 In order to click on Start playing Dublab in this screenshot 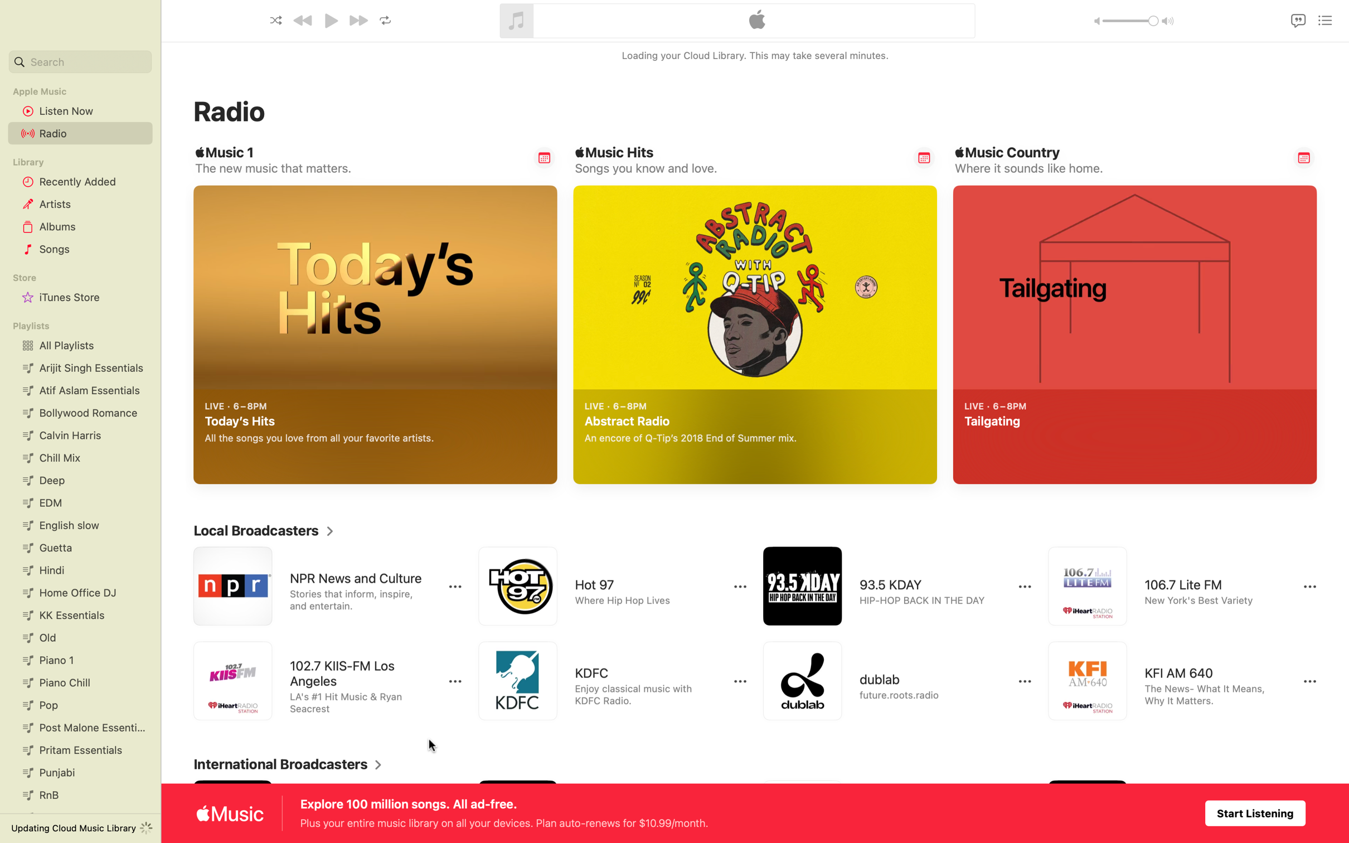, I will do `click(887, 681)`.